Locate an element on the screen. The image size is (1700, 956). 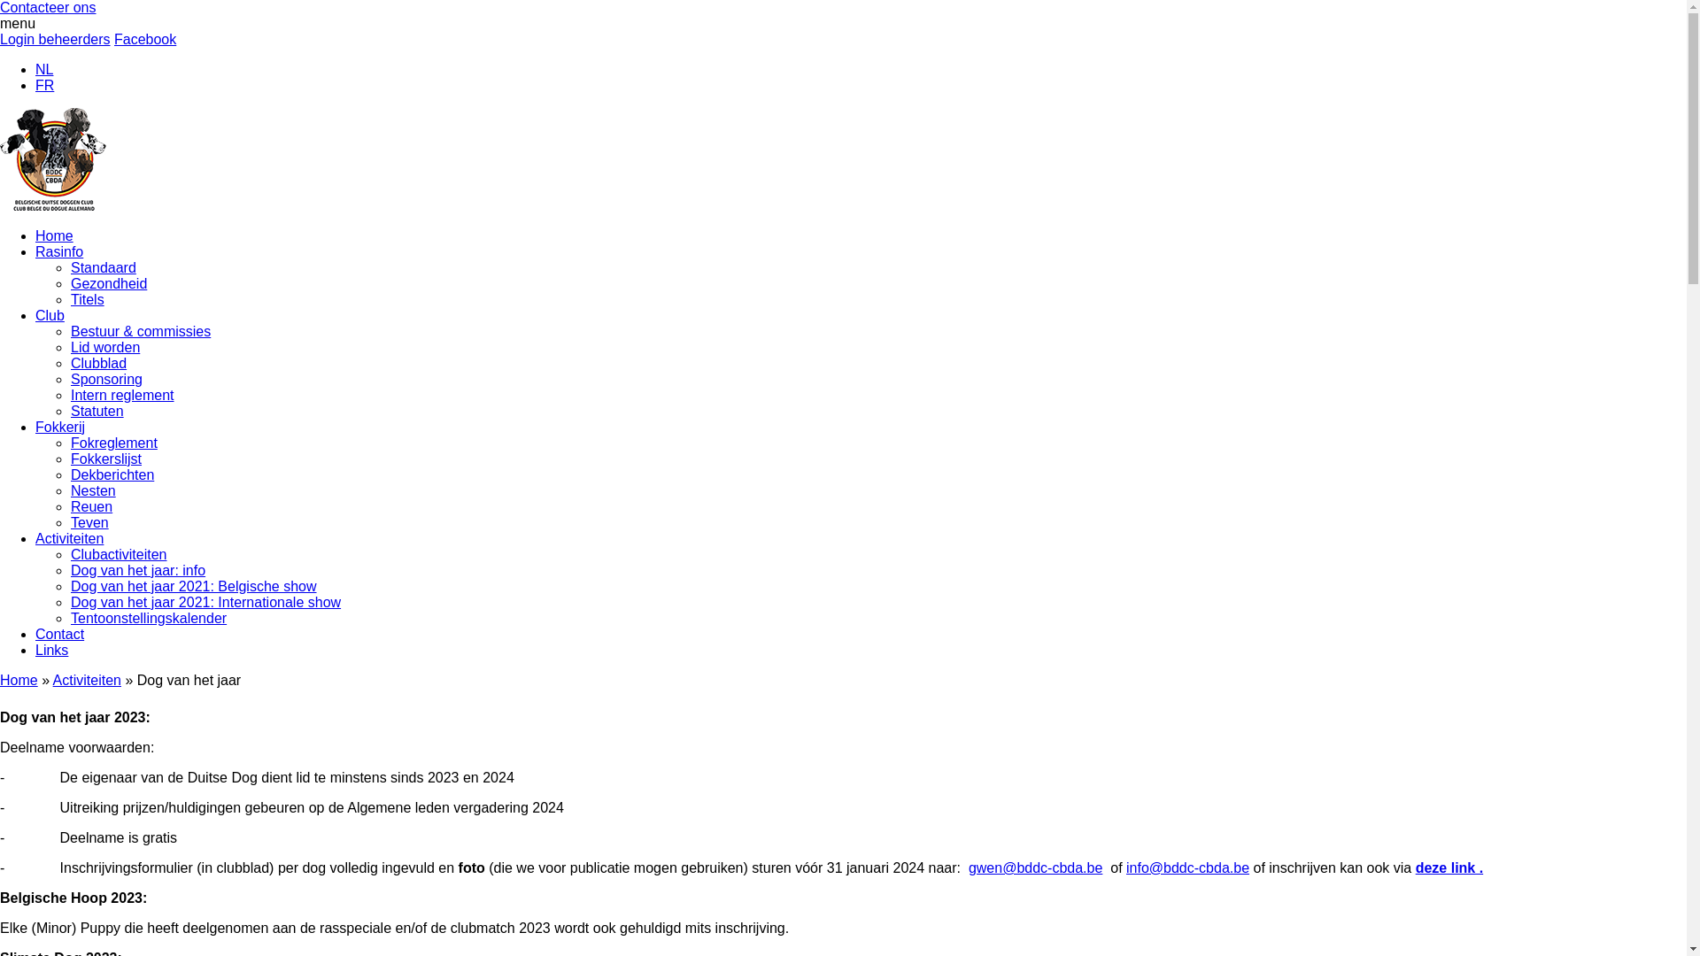
'Dekberichten' is located at coordinates (111, 474).